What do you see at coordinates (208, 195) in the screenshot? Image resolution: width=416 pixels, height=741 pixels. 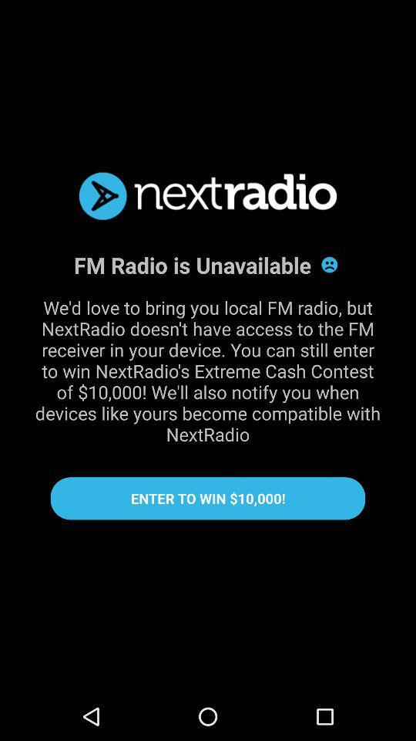 I see `nextradio` at bounding box center [208, 195].